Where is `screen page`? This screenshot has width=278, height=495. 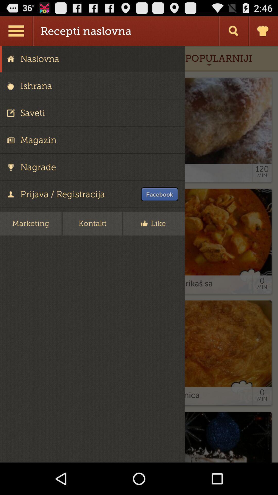
screen page is located at coordinates (139, 254).